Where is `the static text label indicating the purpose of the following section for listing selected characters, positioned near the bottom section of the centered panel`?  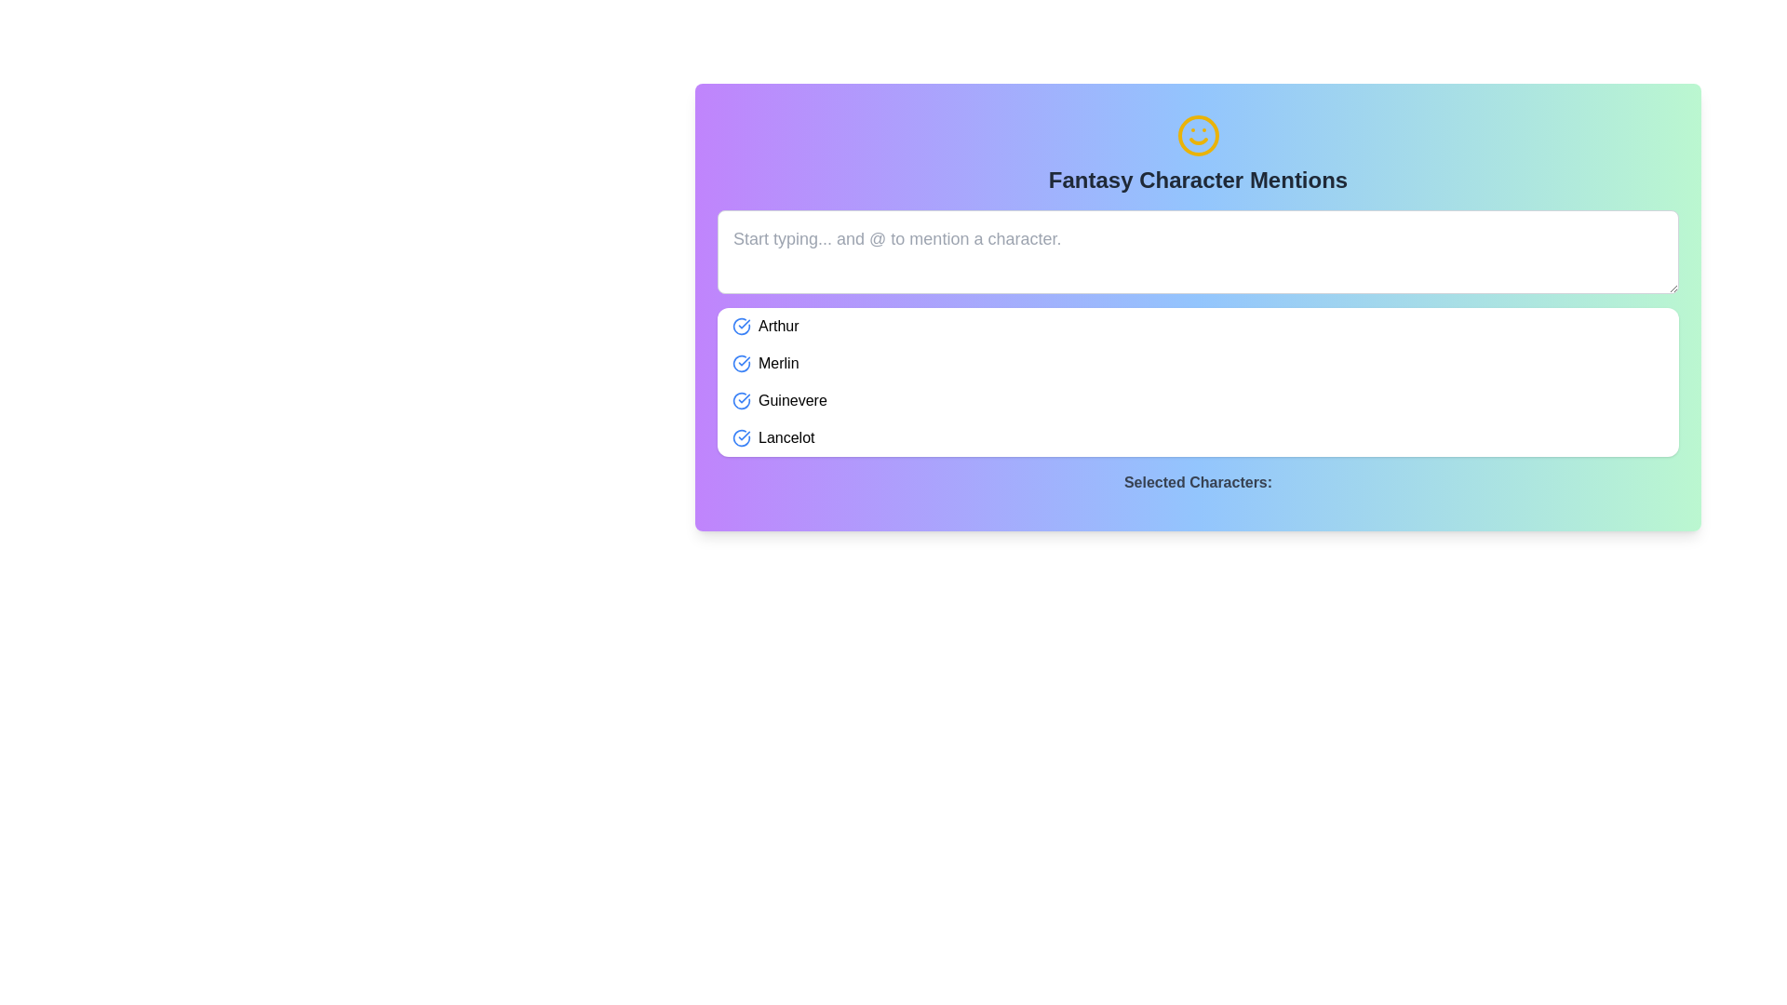 the static text label indicating the purpose of the following section for listing selected characters, positioned near the bottom section of the centered panel is located at coordinates (1198, 482).